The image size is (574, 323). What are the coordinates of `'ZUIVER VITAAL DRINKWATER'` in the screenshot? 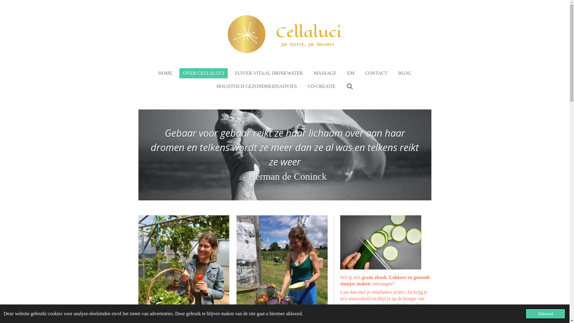 It's located at (230, 73).